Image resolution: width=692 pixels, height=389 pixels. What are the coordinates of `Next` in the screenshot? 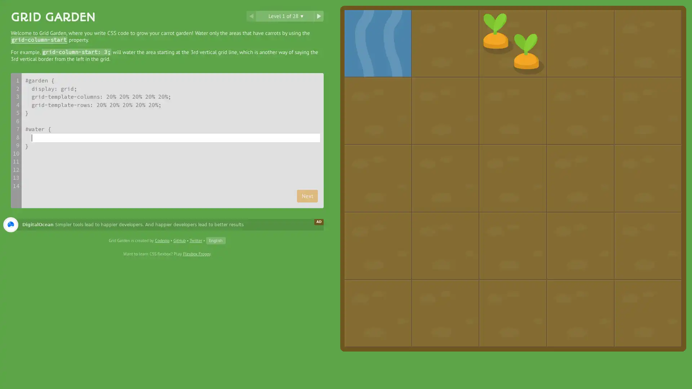 It's located at (307, 196).